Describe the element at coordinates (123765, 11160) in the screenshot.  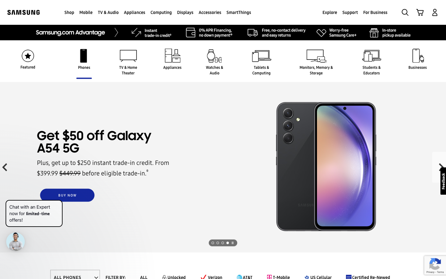
I see `the Mobile dropdown in the top panel by hovering over the button` at that location.